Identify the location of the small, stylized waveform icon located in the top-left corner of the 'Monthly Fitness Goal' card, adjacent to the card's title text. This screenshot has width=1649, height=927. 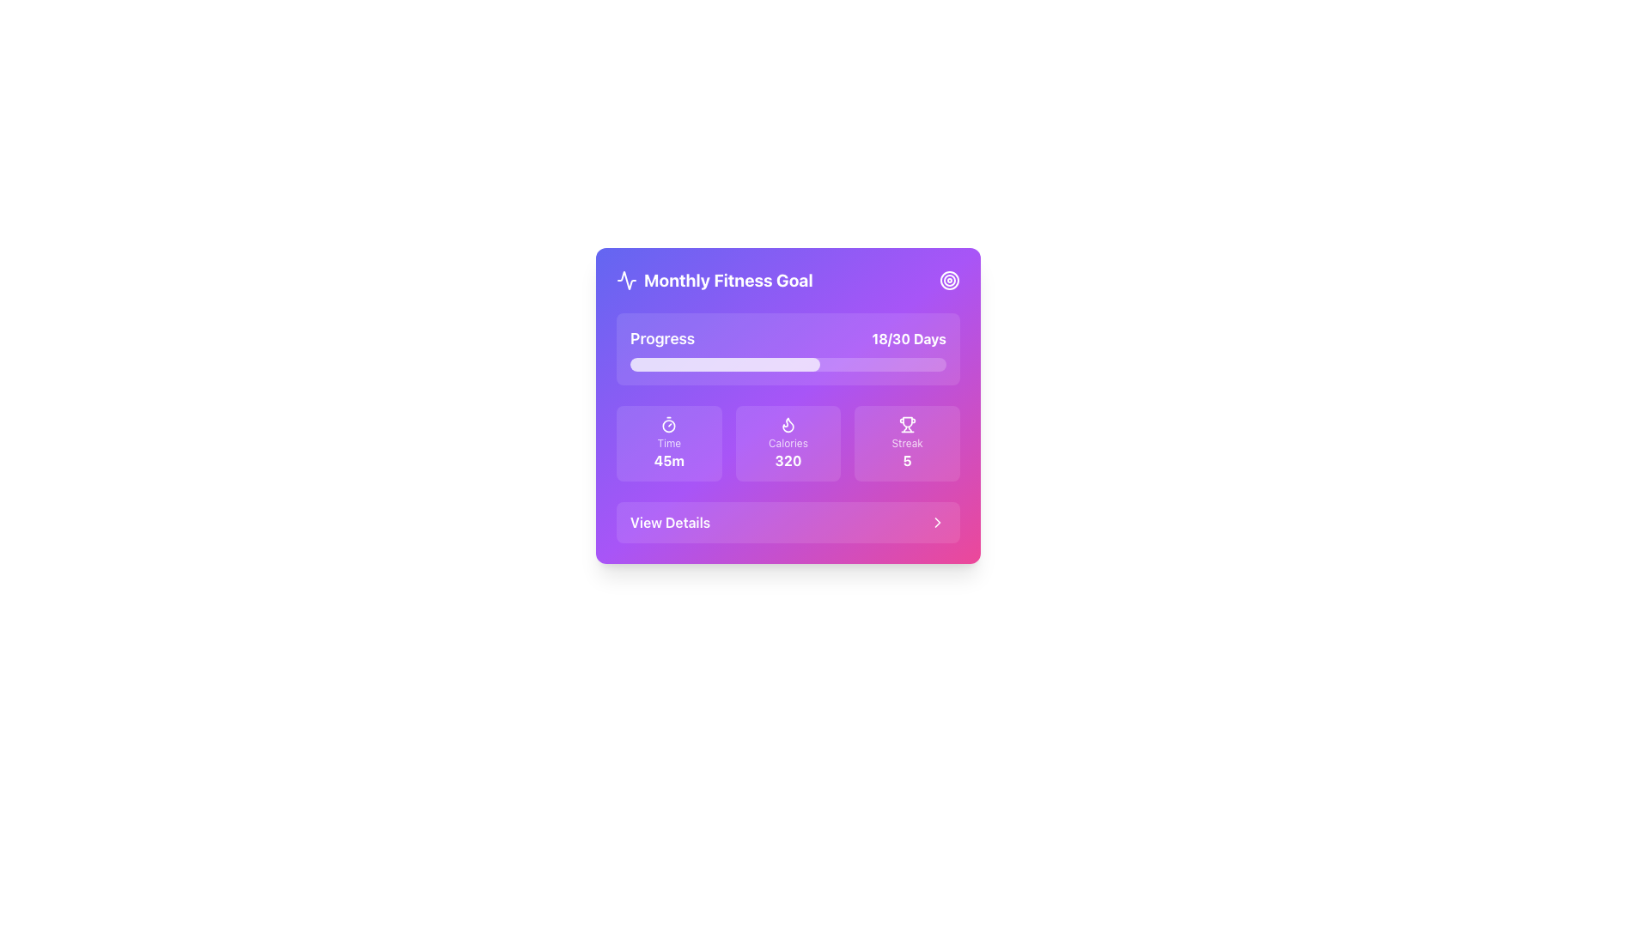
(625, 280).